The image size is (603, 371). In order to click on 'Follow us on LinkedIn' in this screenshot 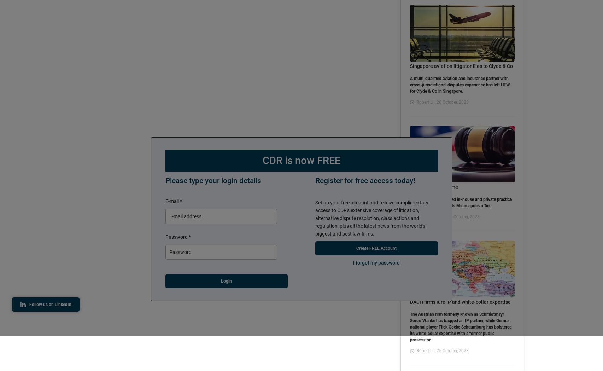, I will do `click(50, 305)`.